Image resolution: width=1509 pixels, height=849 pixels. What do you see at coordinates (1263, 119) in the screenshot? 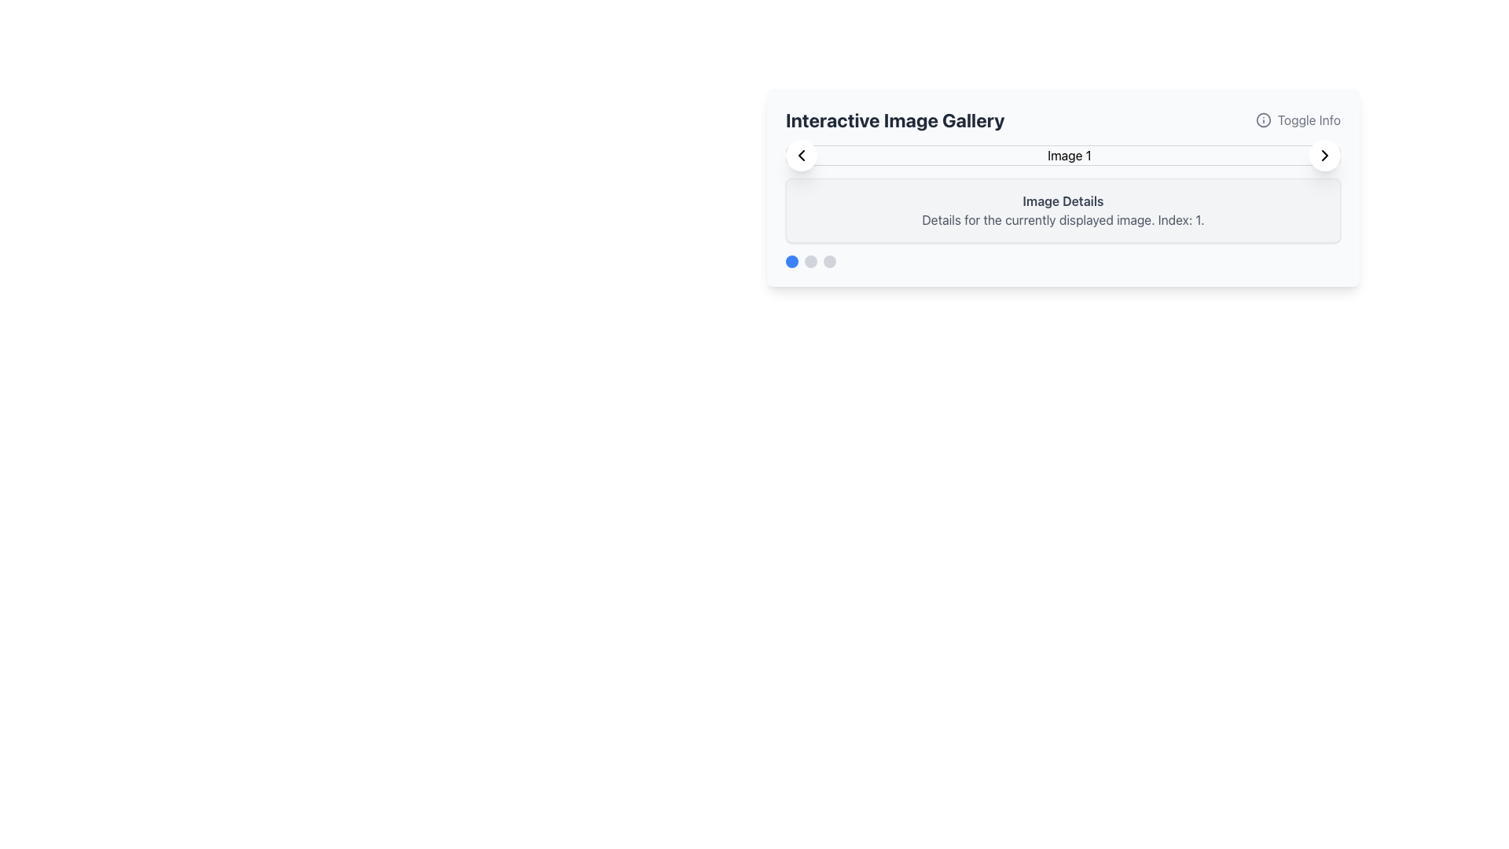
I see `the small circular information icon with an 'i' symbol` at bounding box center [1263, 119].